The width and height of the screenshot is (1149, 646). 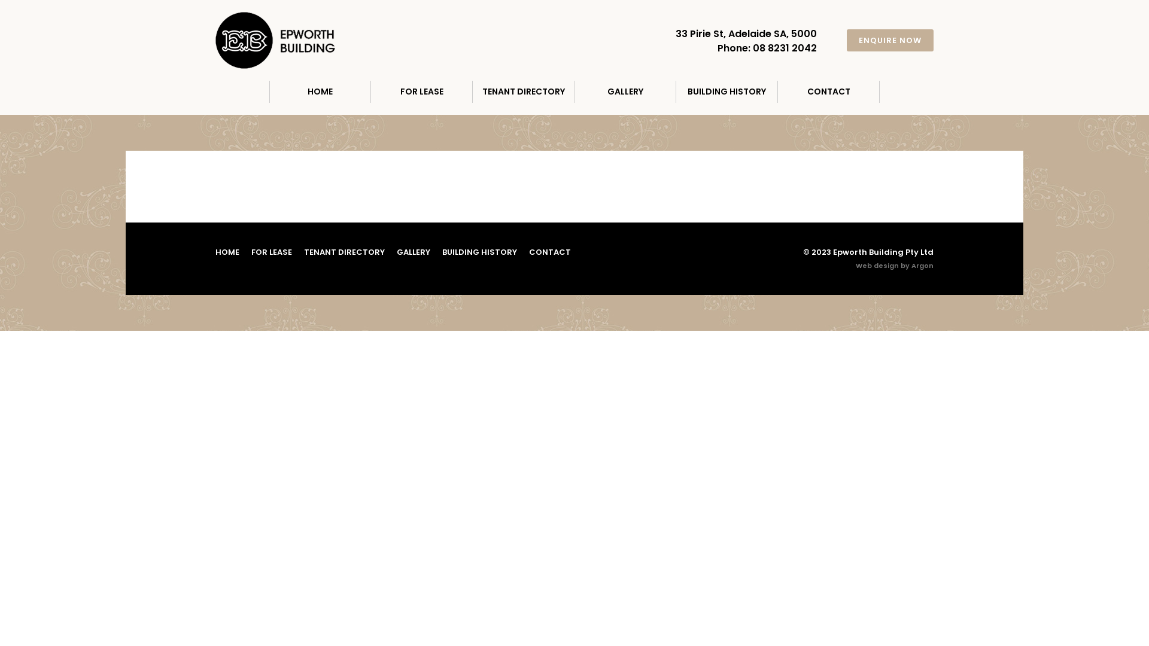 What do you see at coordinates (271, 251) in the screenshot?
I see `'FOR LEASE'` at bounding box center [271, 251].